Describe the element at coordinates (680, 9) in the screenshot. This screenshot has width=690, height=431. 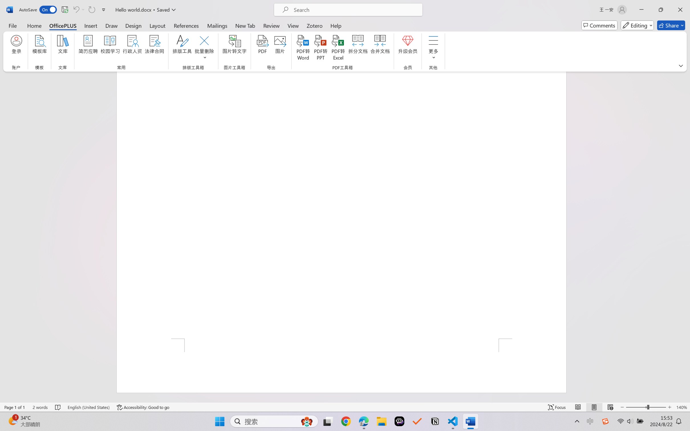
I see `'Close'` at that location.